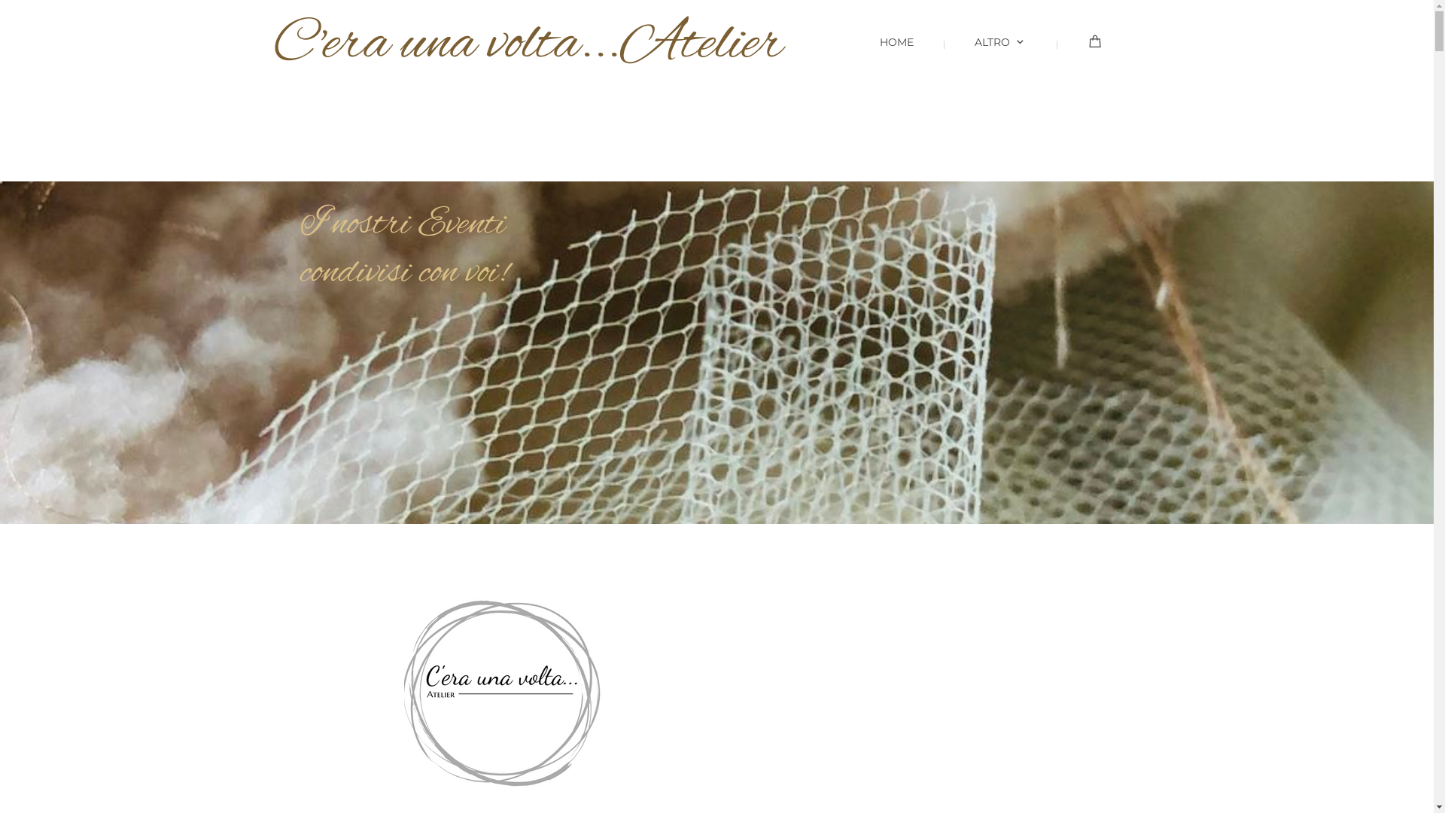 This screenshot has height=813, width=1445. Describe the element at coordinates (989, 53) in the screenshot. I see `'ALTRO'` at that location.